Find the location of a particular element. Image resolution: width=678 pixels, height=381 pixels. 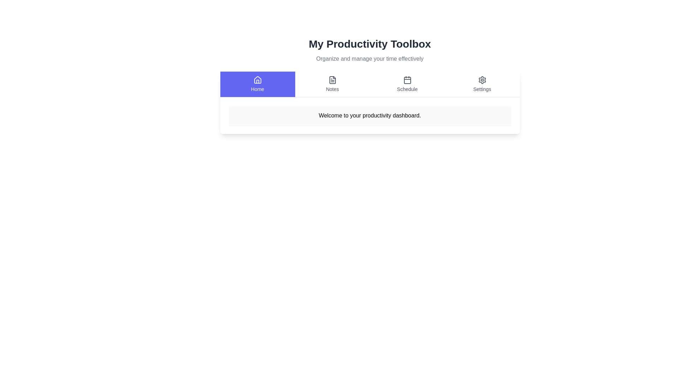

the calendar icon located below the 'My Productivity Toolbox' header is located at coordinates (407, 80).